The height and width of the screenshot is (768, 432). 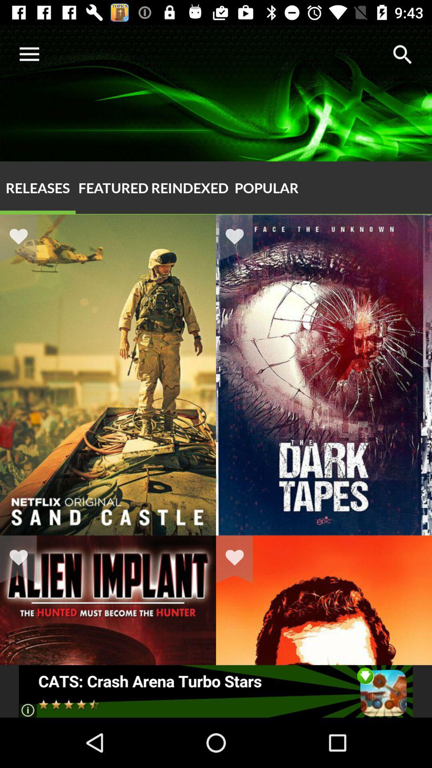 What do you see at coordinates (324, 535) in the screenshot?
I see `the image which says  the dark tapes` at bounding box center [324, 535].